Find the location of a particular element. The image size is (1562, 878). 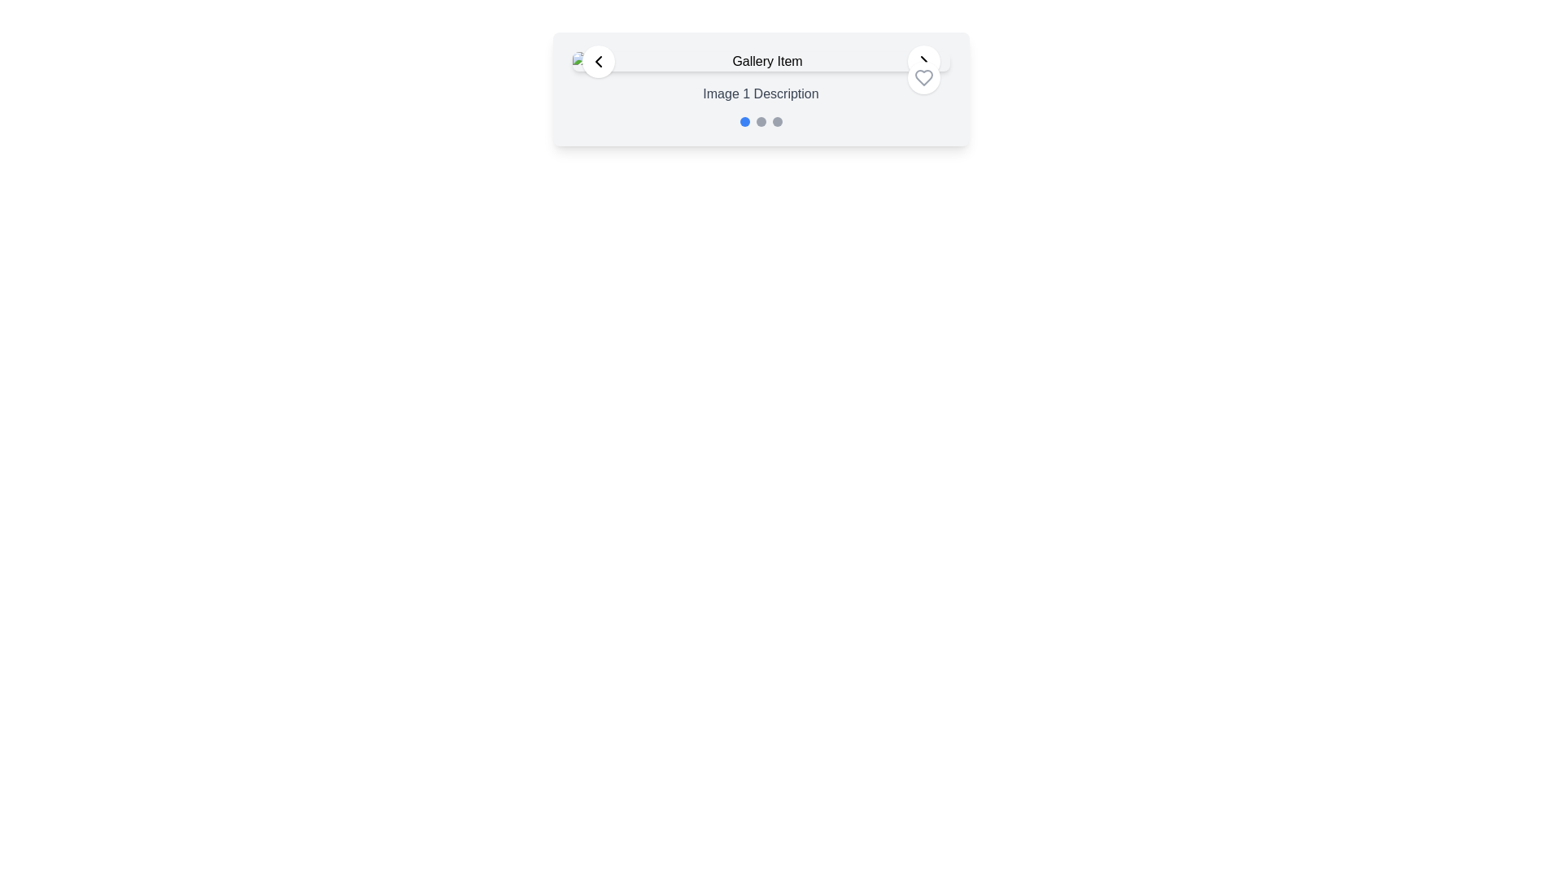

the Carousel Indicator dot located below the 'Image 1 Description' text, which is styled as a small circular indicator and is part of a horizontal arrangement is located at coordinates (760, 121).